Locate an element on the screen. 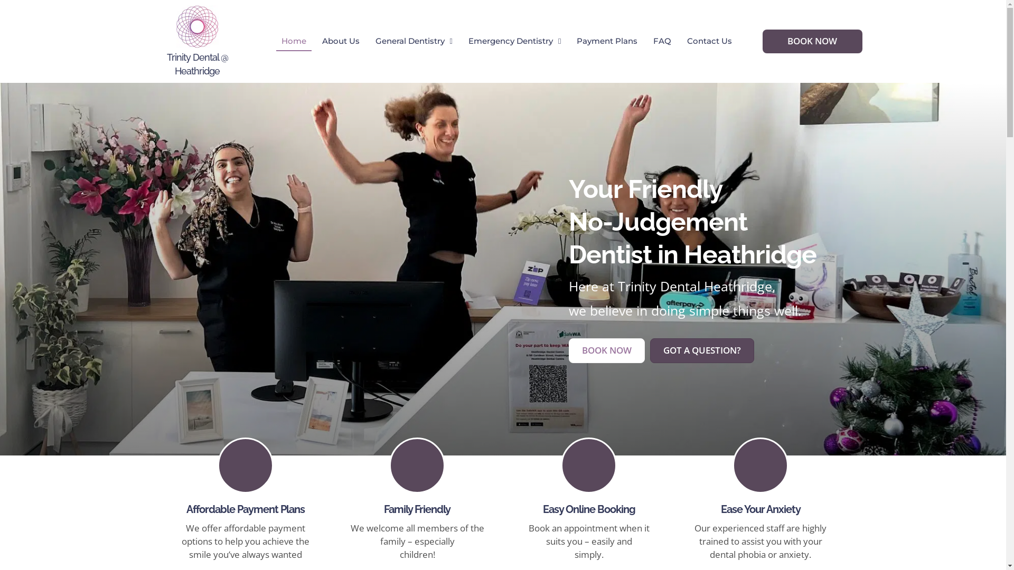 This screenshot has width=1014, height=570. 'BOOK NOW' is located at coordinates (812, 40).